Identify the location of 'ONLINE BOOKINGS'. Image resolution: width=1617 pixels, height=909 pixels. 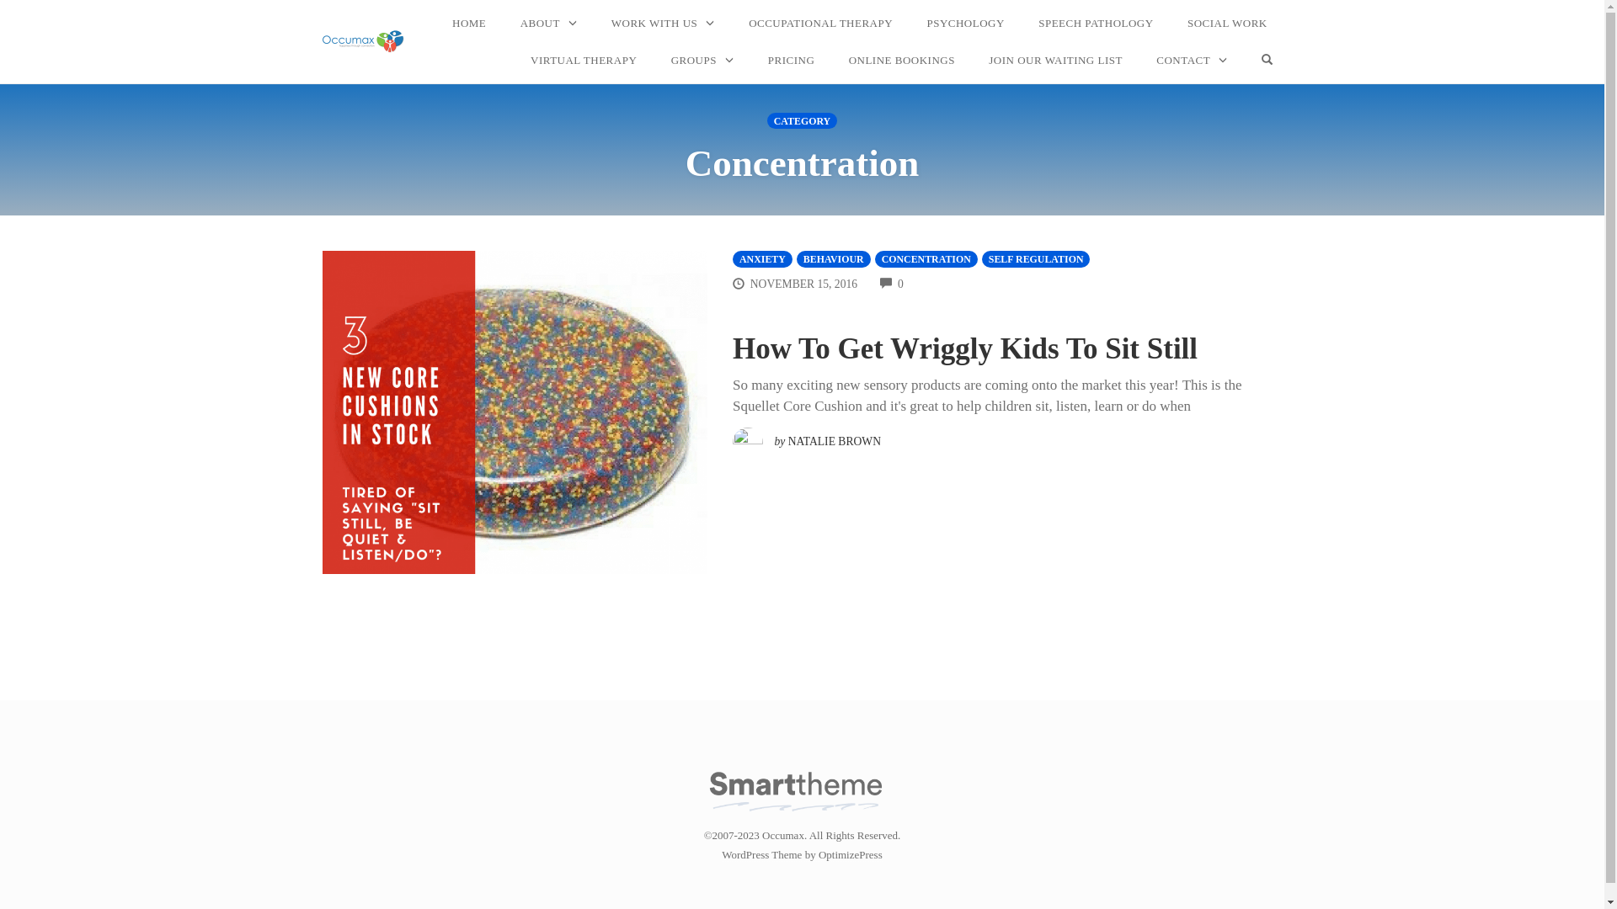
(900, 60).